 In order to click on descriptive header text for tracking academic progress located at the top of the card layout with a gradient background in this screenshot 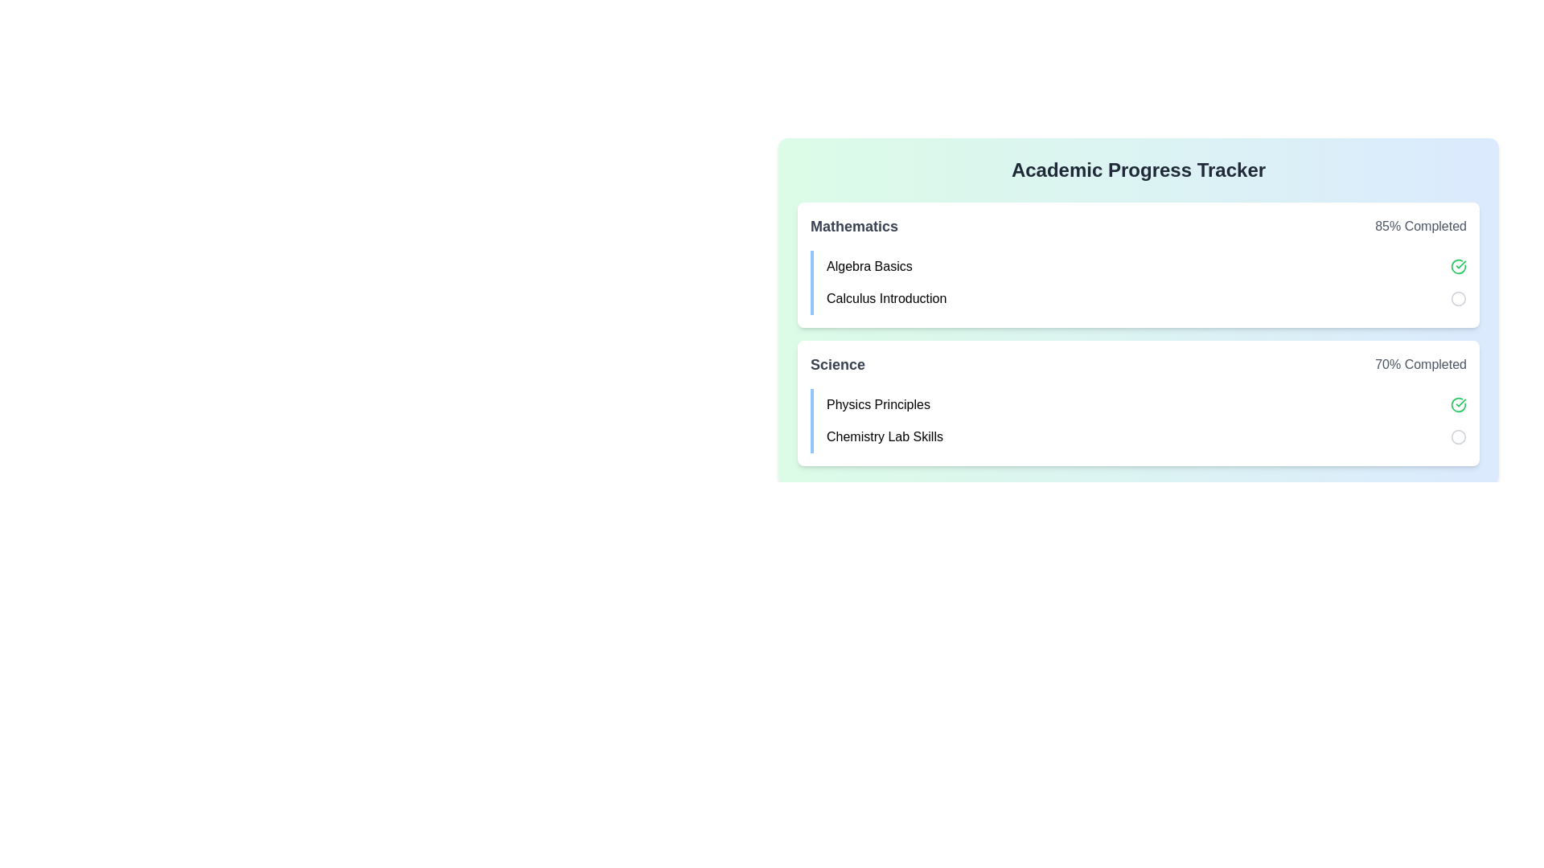, I will do `click(1138, 170)`.